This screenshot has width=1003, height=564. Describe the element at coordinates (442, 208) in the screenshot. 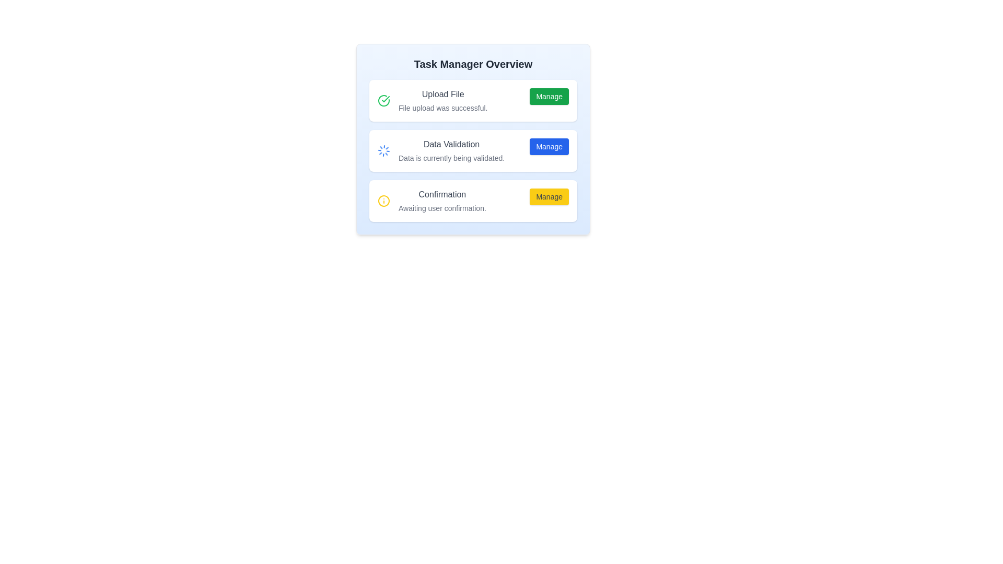

I see `the static text element that reads 'Awaiting user confirmation.' which is styled in a smaller font size and muted gray color, located below the heading 'Confirmation' and above the yellow 'Manage' button` at that location.